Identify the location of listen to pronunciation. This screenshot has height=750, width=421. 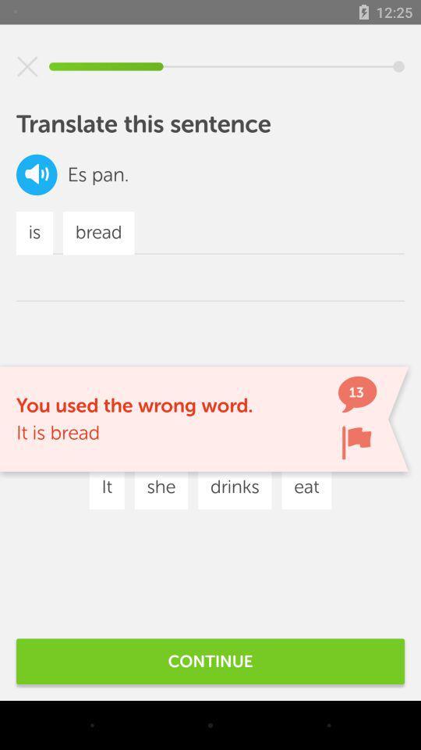
(37, 174).